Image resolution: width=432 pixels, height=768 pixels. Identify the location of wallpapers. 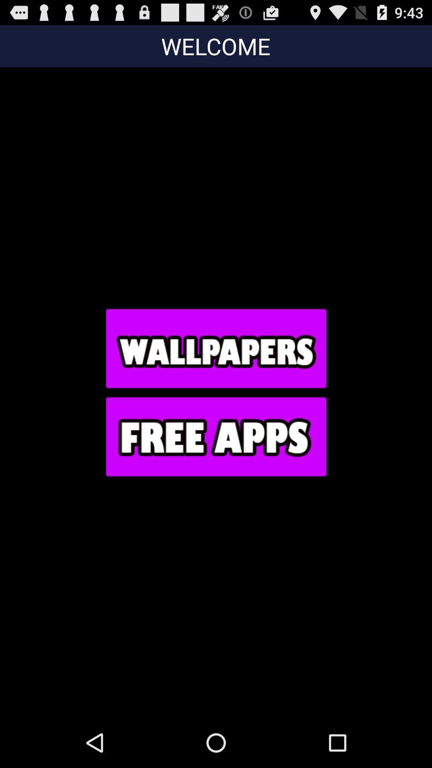
(215, 348).